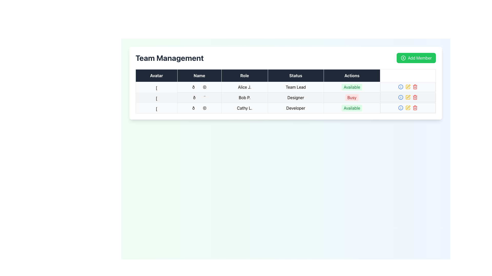 This screenshot has height=276, width=492. Describe the element at coordinates (351, 97) in the screenshot. I see `the 'Busy' status indicator for user Bob P. in the second row of the Status column` at that location.